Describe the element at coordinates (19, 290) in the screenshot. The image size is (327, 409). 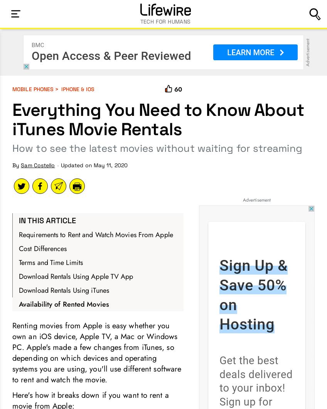
I see `'Download Rentals Using iTunes'` at that location.